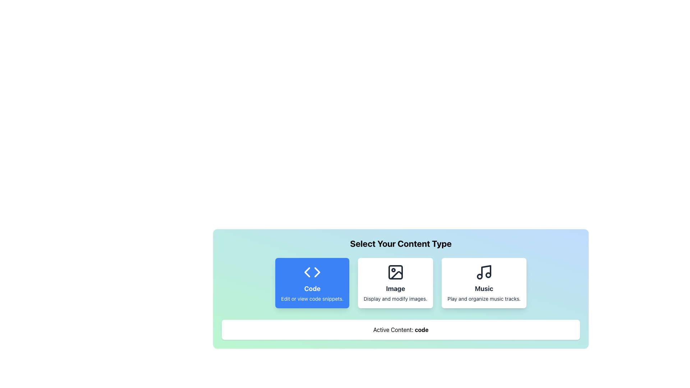  I want to click on the leftmost decorative circle icon located at the bottom-left corner of the 'Music' card, which overlaps the music note graphic, so click(479, 276).